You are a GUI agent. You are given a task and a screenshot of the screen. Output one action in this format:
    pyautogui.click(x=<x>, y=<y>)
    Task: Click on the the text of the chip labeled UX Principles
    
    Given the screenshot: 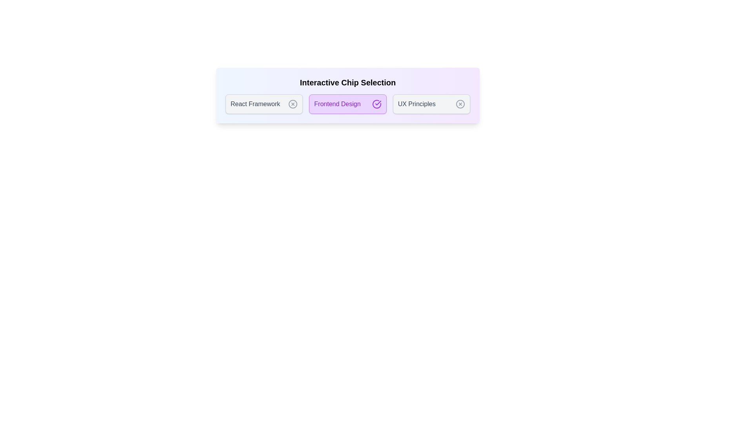 What is the action you would take?
    pyautogui.click(x=431, y=104)
    